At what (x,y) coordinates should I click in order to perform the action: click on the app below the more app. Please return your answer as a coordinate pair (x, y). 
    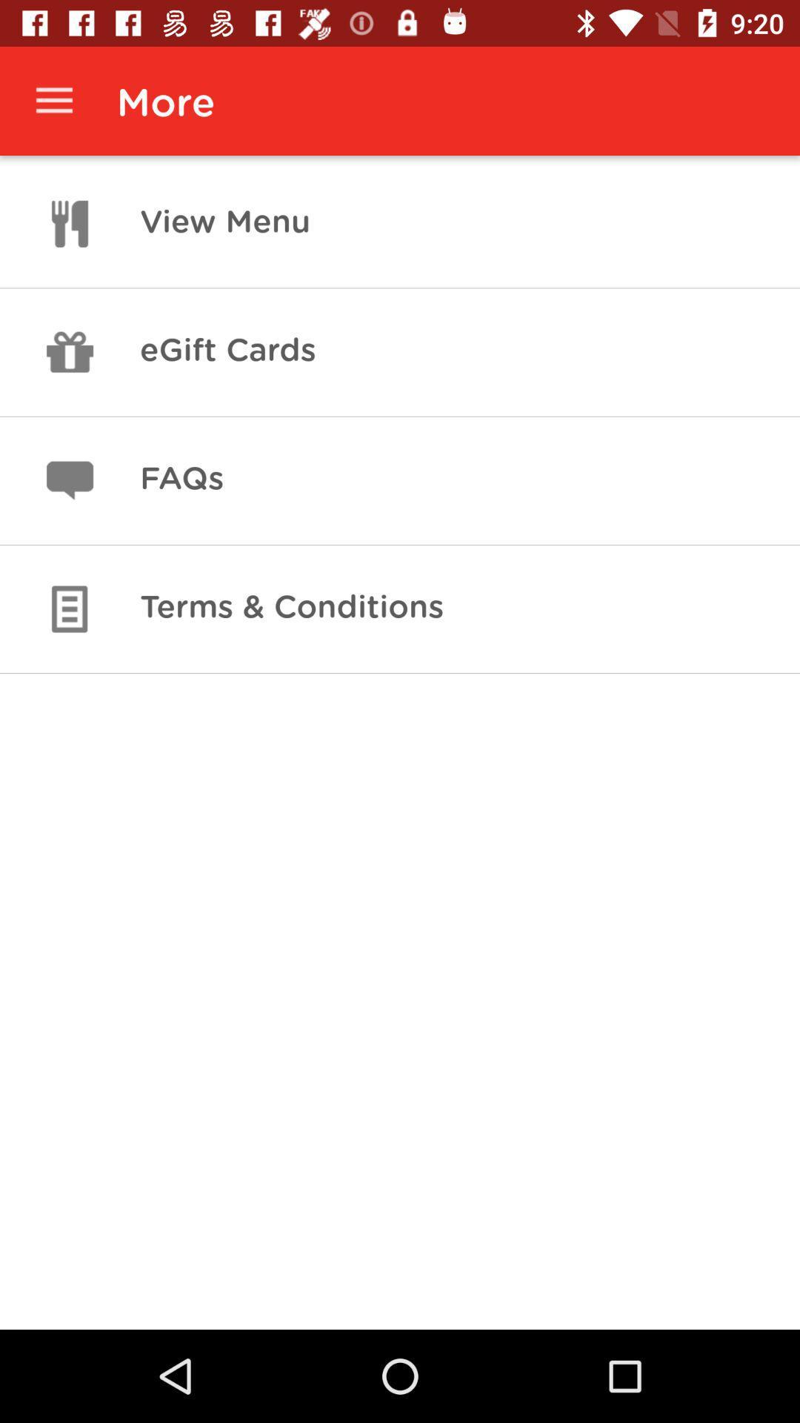
    Looking at the image, I should click on (225, 223).